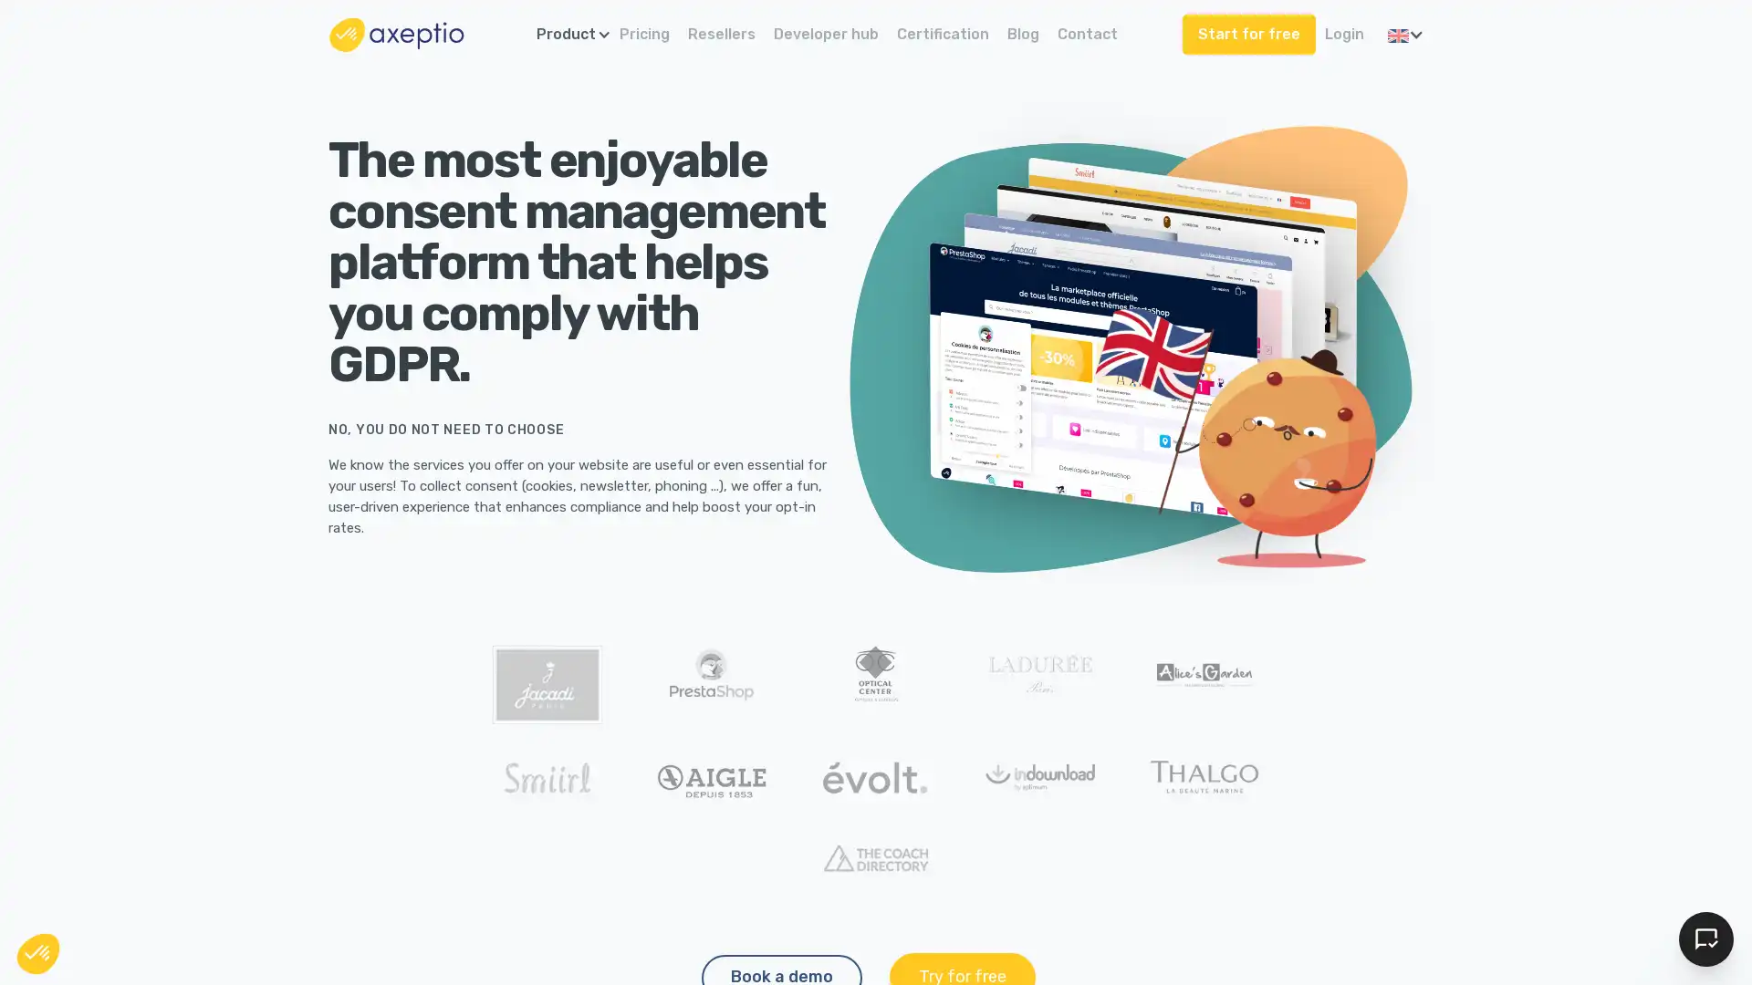  Describe the element at coordinates (210, 884) in the screenshot. I see `I want to choose` at that location.